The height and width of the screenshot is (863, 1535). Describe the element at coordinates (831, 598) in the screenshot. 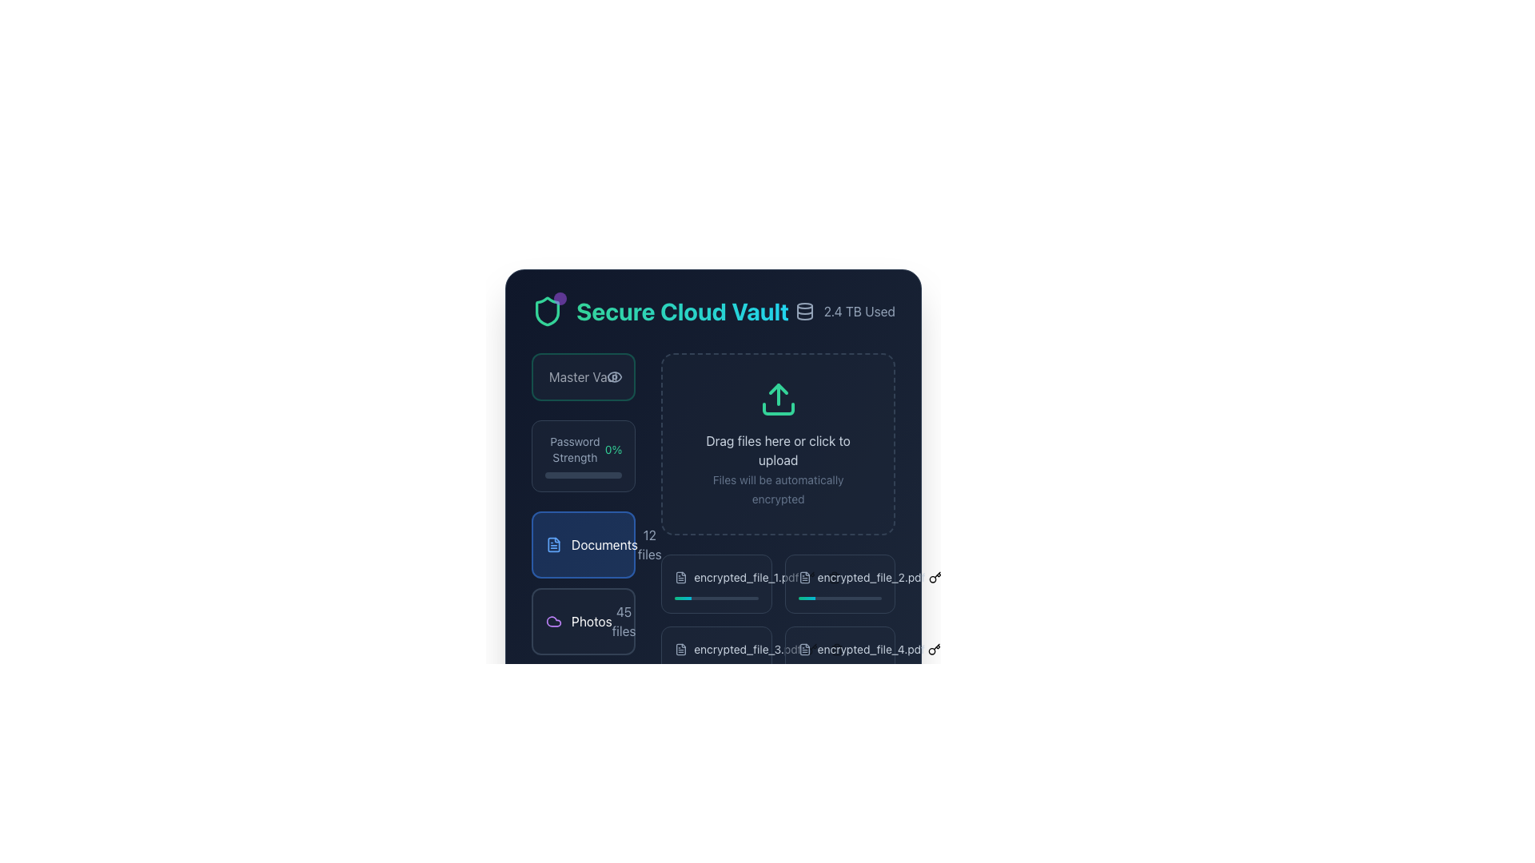

I see `the progress bar segment visually representing the progress state for the file labeled 'encrypted_file_2.pdf'` at that location.